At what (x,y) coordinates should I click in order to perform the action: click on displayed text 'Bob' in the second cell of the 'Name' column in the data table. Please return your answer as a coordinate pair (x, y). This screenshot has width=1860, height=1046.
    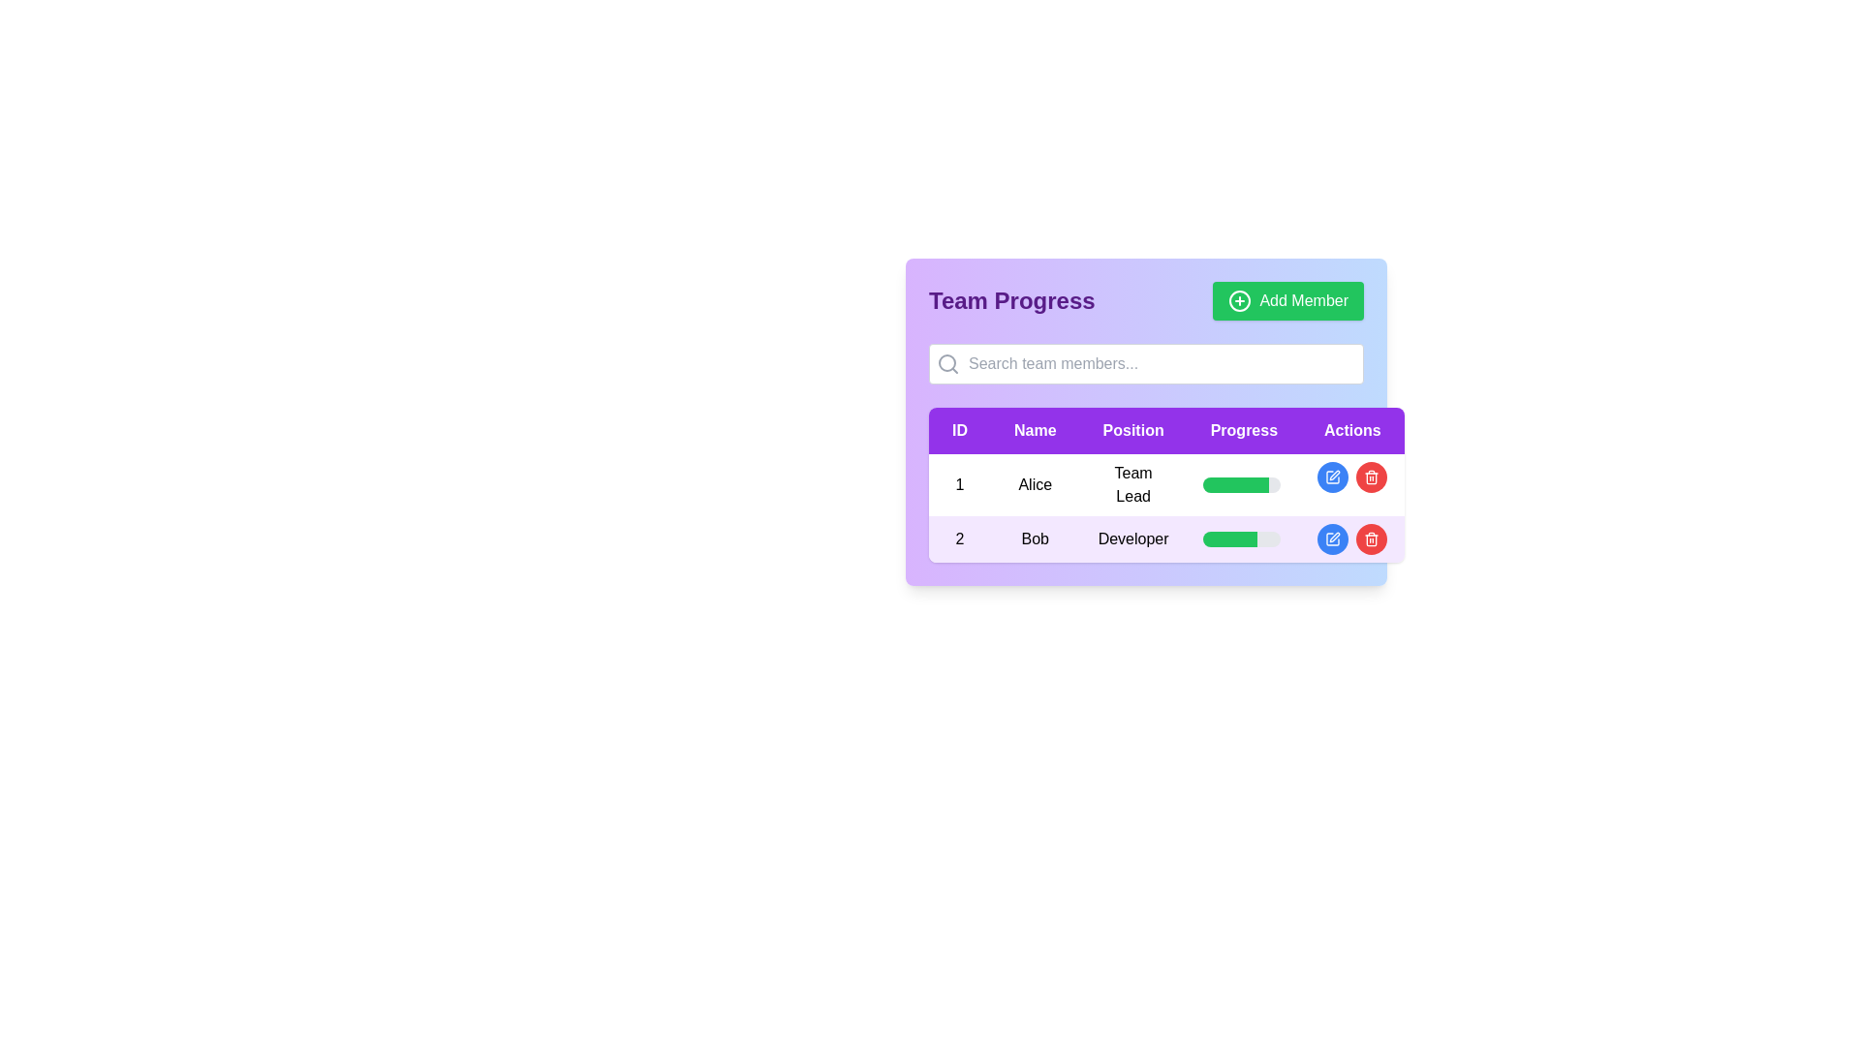
    Looking at the image, I should click on (1034, 538).